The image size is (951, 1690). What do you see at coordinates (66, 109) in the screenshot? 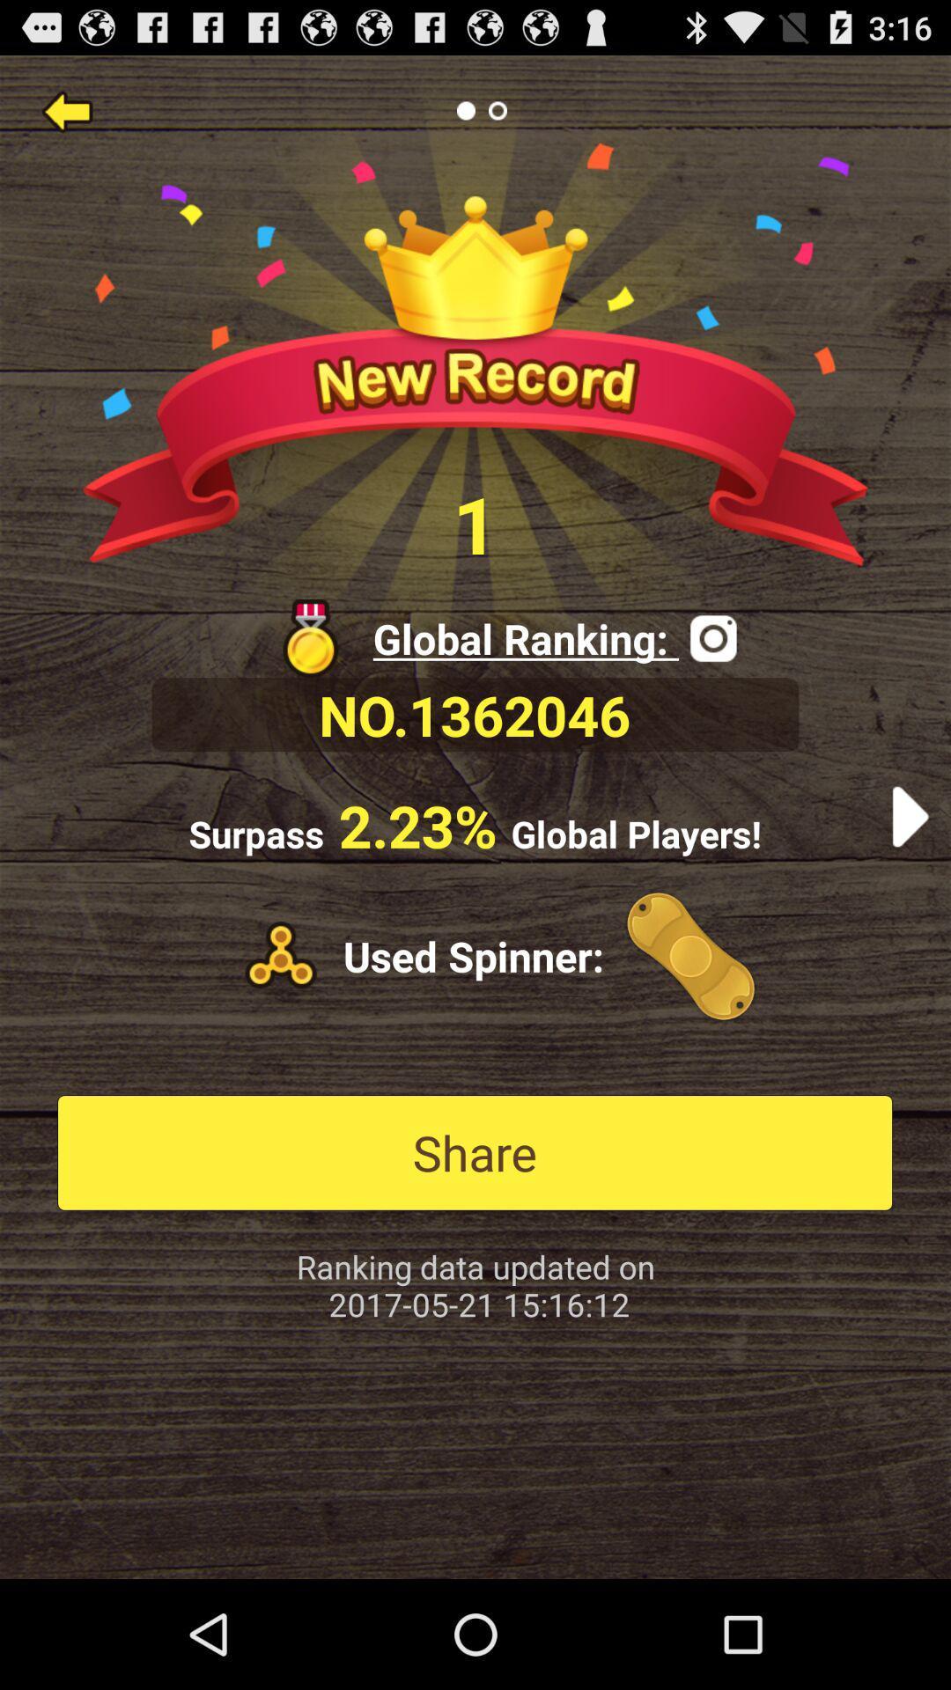
I see `previous` at bounding box center [66, 109].